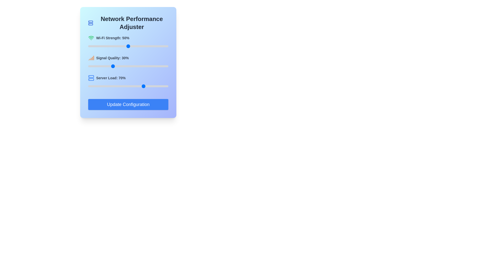 This screenshot has height=270, width=481. Describe the element at coordinates (131, 66) in the screenshot. I see `the signal quality` at that location.